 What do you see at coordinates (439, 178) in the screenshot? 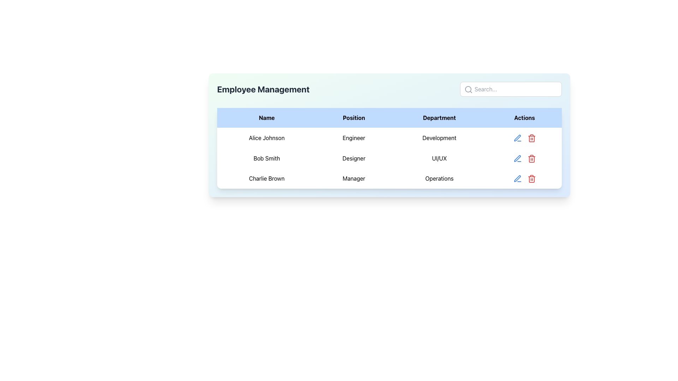
I see `the Text label indicating the department associated with 'Charlie Brown' in the third row of the 'Department' column` at bounding box center [439, 178].